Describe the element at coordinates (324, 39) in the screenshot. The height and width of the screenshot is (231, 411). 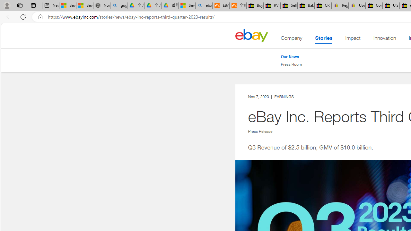
I see `'Stories'` at that location.